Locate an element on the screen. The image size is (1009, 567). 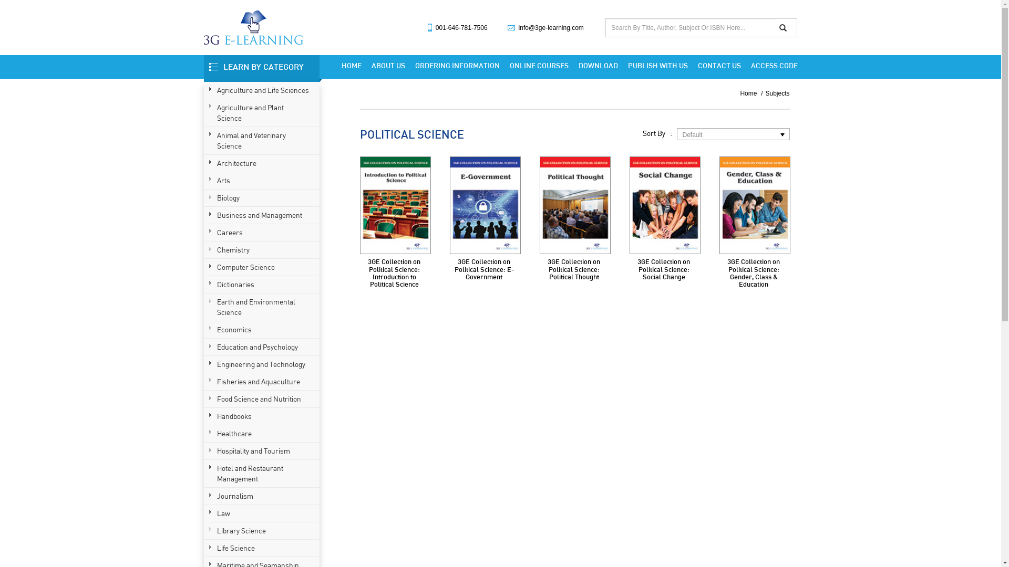
'Engineering and Technology' is located at coordinates (206, 364).